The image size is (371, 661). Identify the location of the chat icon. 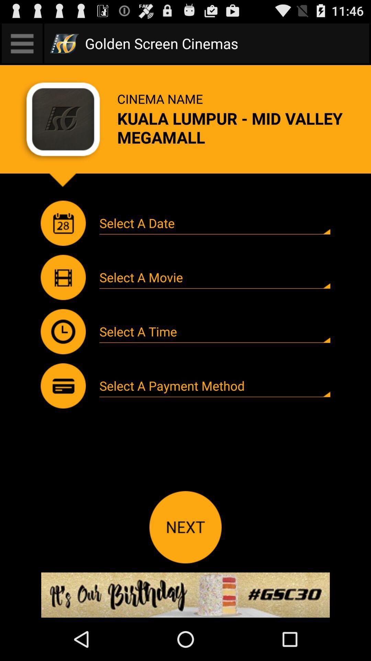
(63, 297).